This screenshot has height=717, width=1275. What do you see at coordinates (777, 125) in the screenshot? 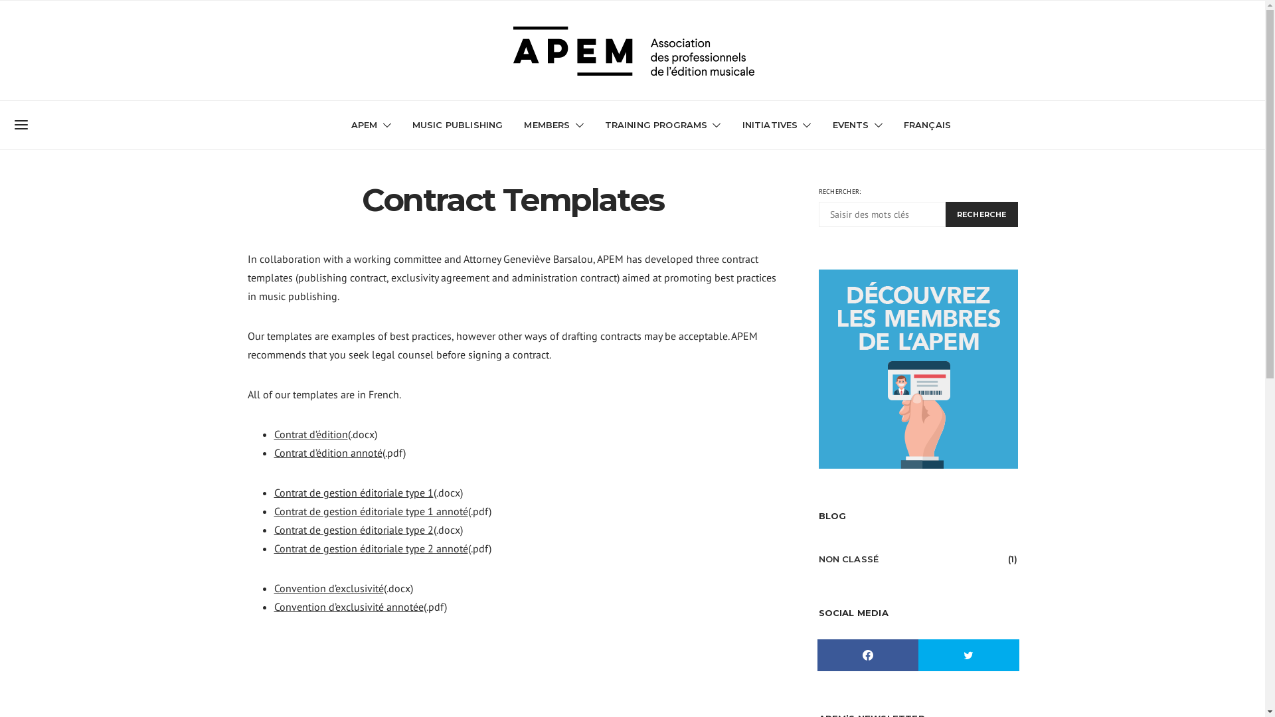
I see `'INITIATIVES'` at bounding box center [777, 125].